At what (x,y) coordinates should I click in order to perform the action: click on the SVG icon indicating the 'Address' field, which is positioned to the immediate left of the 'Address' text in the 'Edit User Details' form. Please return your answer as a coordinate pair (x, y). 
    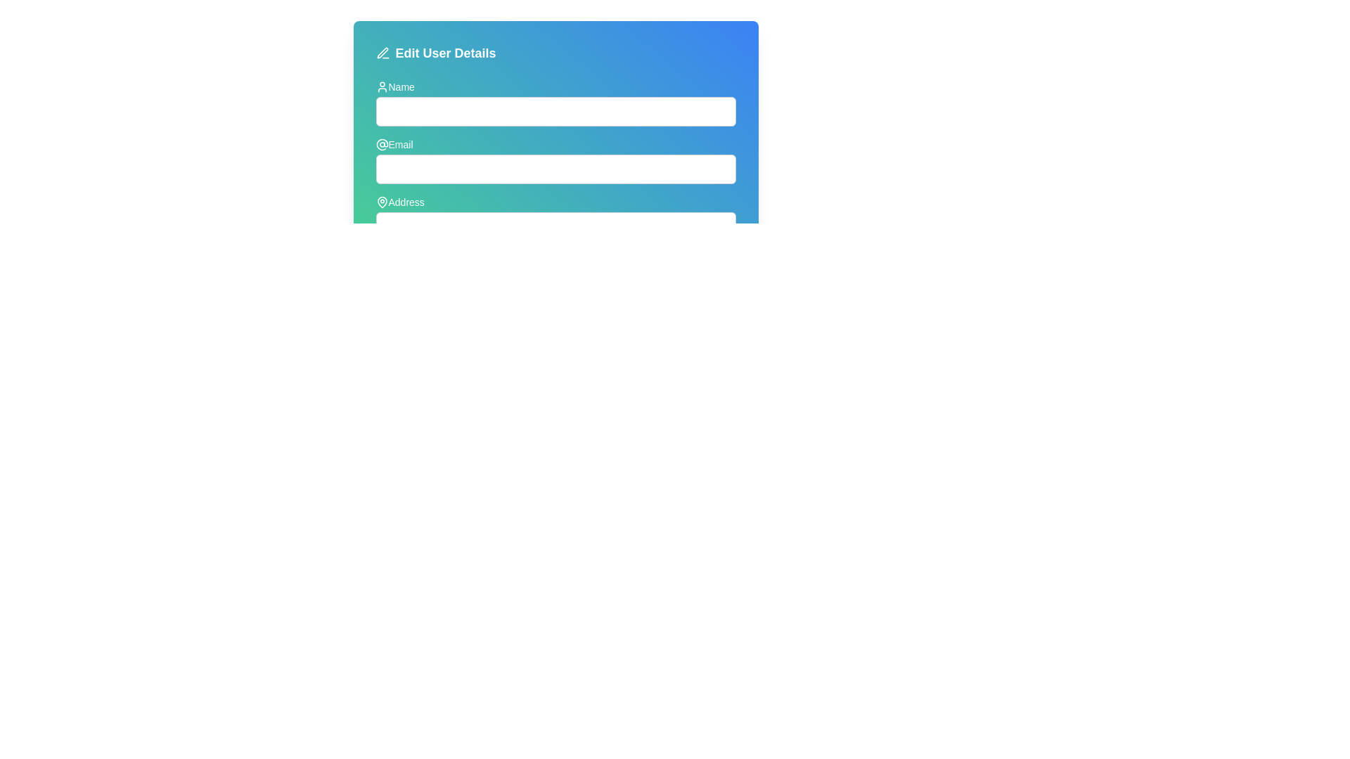
    Looking at the image, I should click on (382, 202).